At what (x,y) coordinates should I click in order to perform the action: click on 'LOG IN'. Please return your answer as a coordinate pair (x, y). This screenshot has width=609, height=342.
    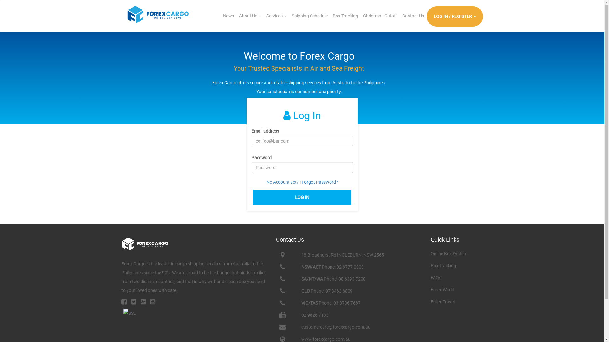
    Looking at the image, I should click on (302, 197).